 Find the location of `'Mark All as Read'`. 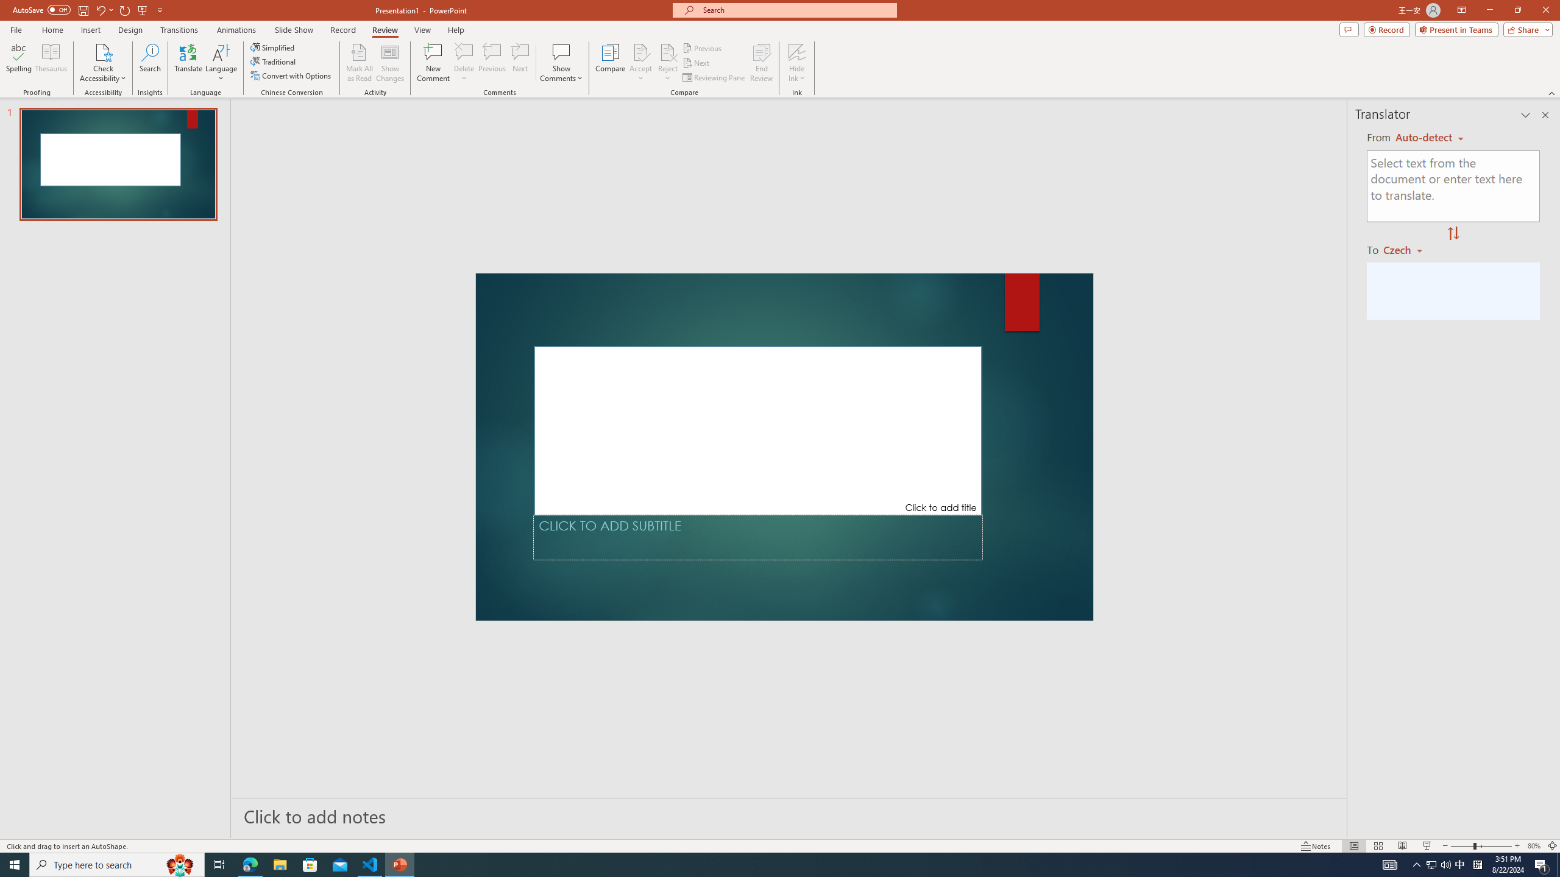

'Mark All as Read' is located at coordinates (360, 63).